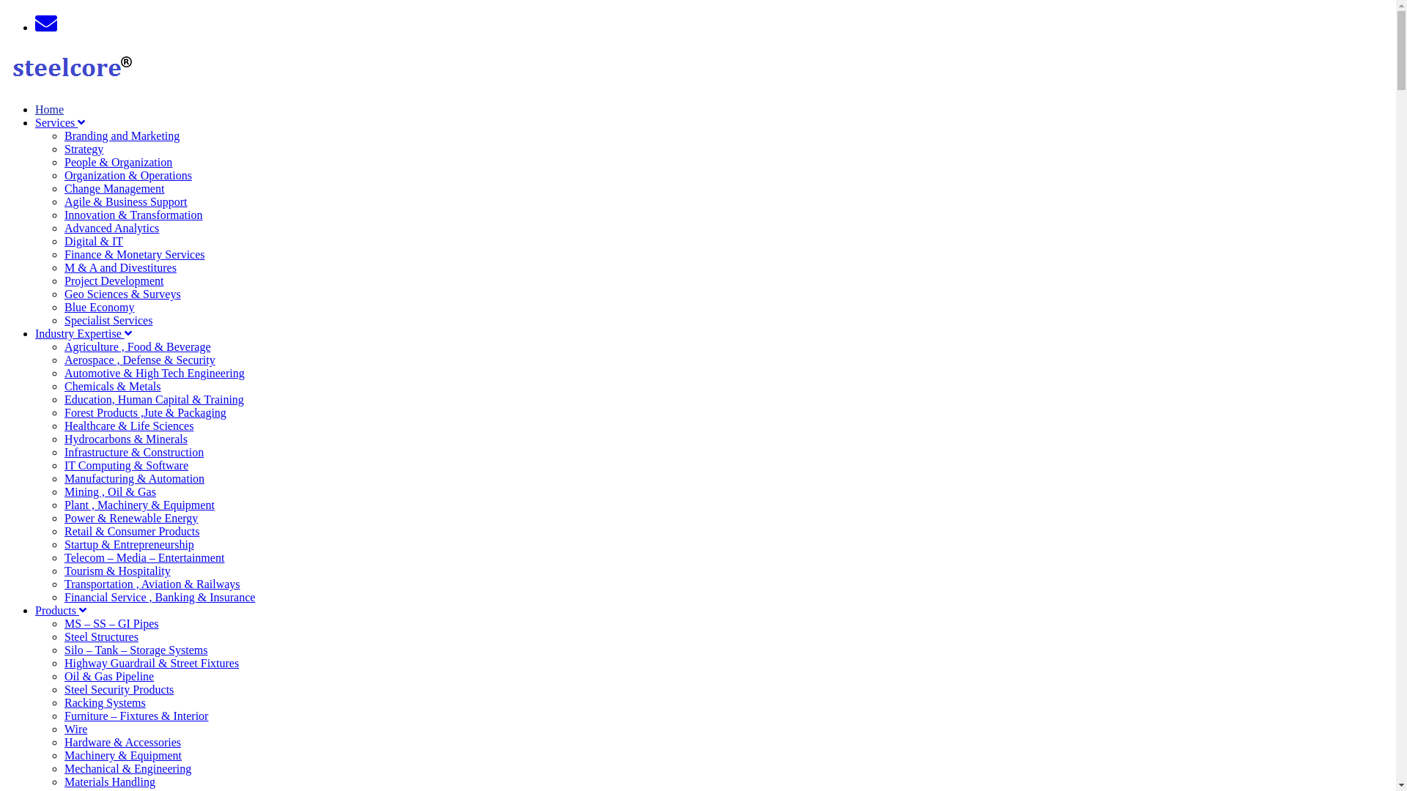 The width and height of the screenshot is (1407, 791). I want to click on 'Project Development', so click(114, 281).